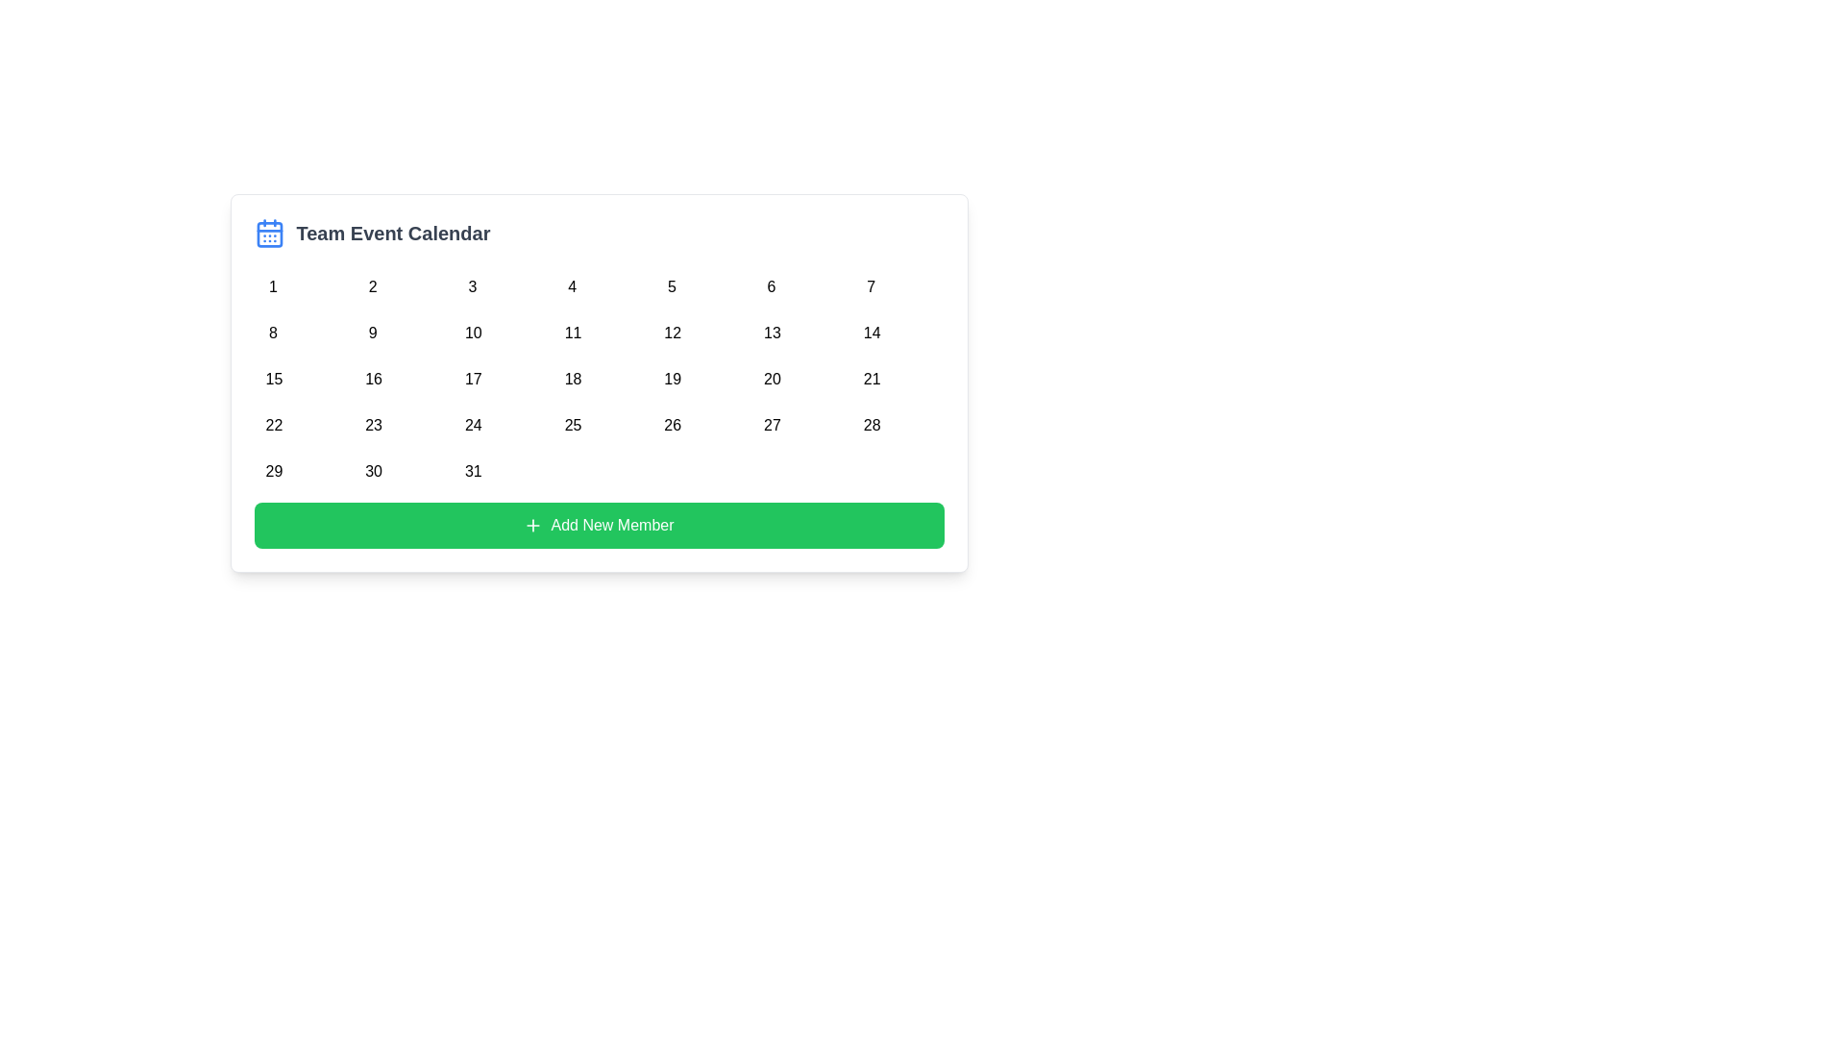 The width and height of the screenshot is (1845, 1038). What do you see at coordinates (272, 375) in the screenshot?
I see `the Button element labeled '15' which is located in the third row and first column of the grid under 'Team Event Calendar'` at bounding box center [272, 375].